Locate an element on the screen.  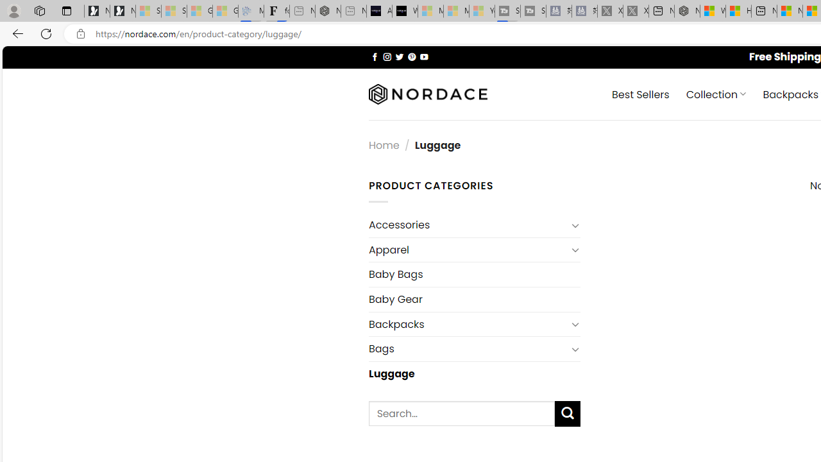
'Accessories' is located at coordinates (467, 225).